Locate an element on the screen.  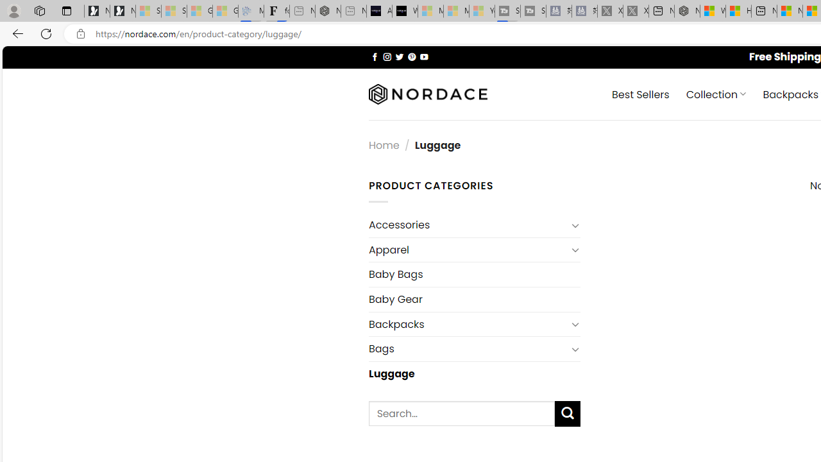
'Accessories' is located at coordinates (467, 225).